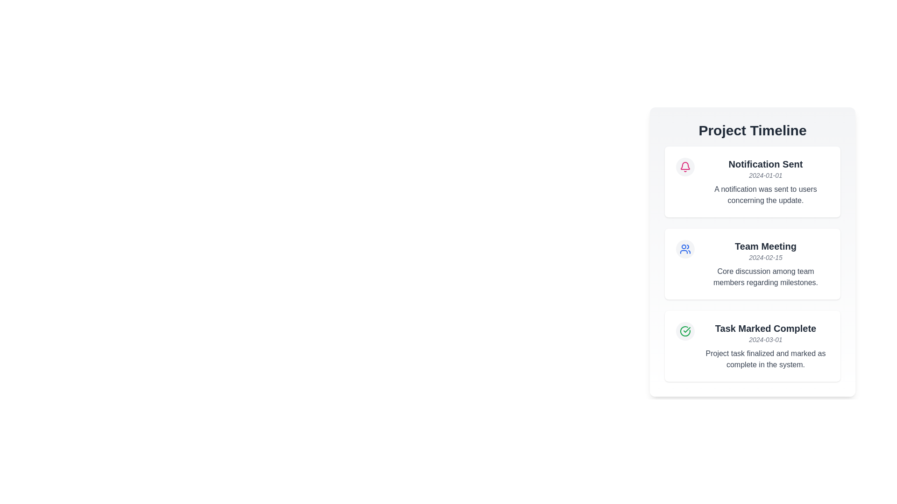  I want to click on the static text block providing additional information about the 'Task Marked Complete' event, located at the bottom of the 'Project Timeline' section, so click(765, 359).